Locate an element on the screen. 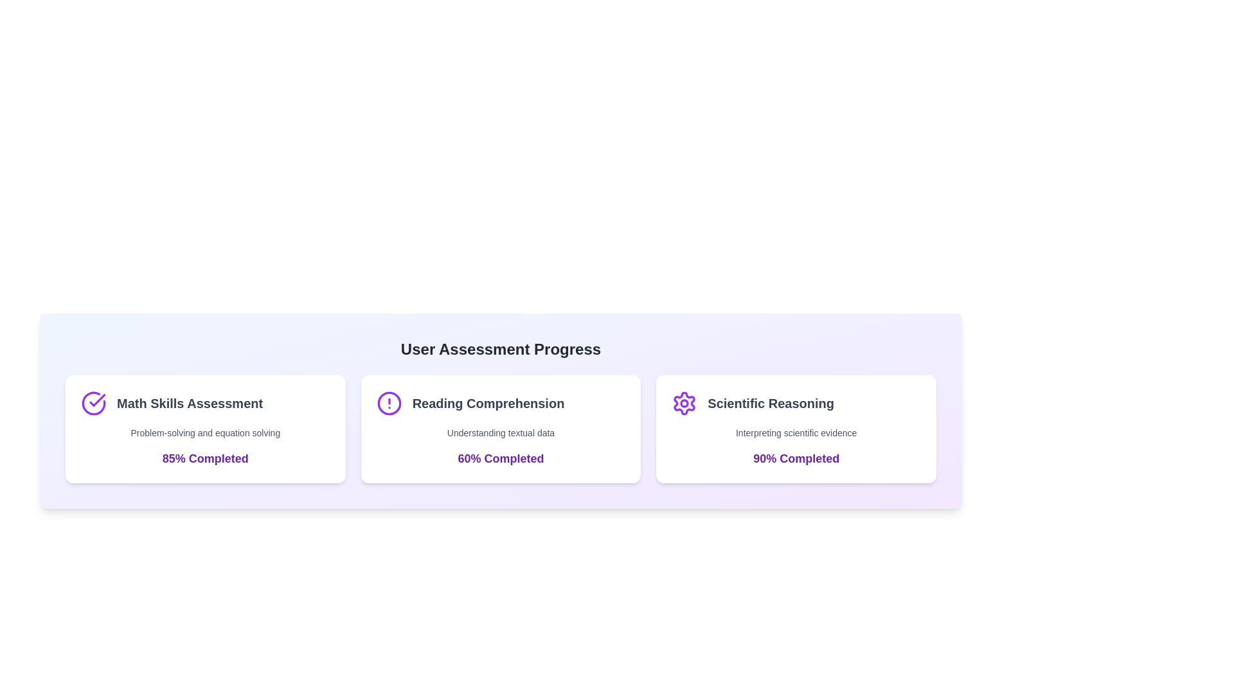 Image resolution: width=1234 pixels, height=694 pixels. the purple cogwheel-shaped icon located to the left of the title 'Scientific Reasoning' within the card layout is located at coordinates (684, 403).